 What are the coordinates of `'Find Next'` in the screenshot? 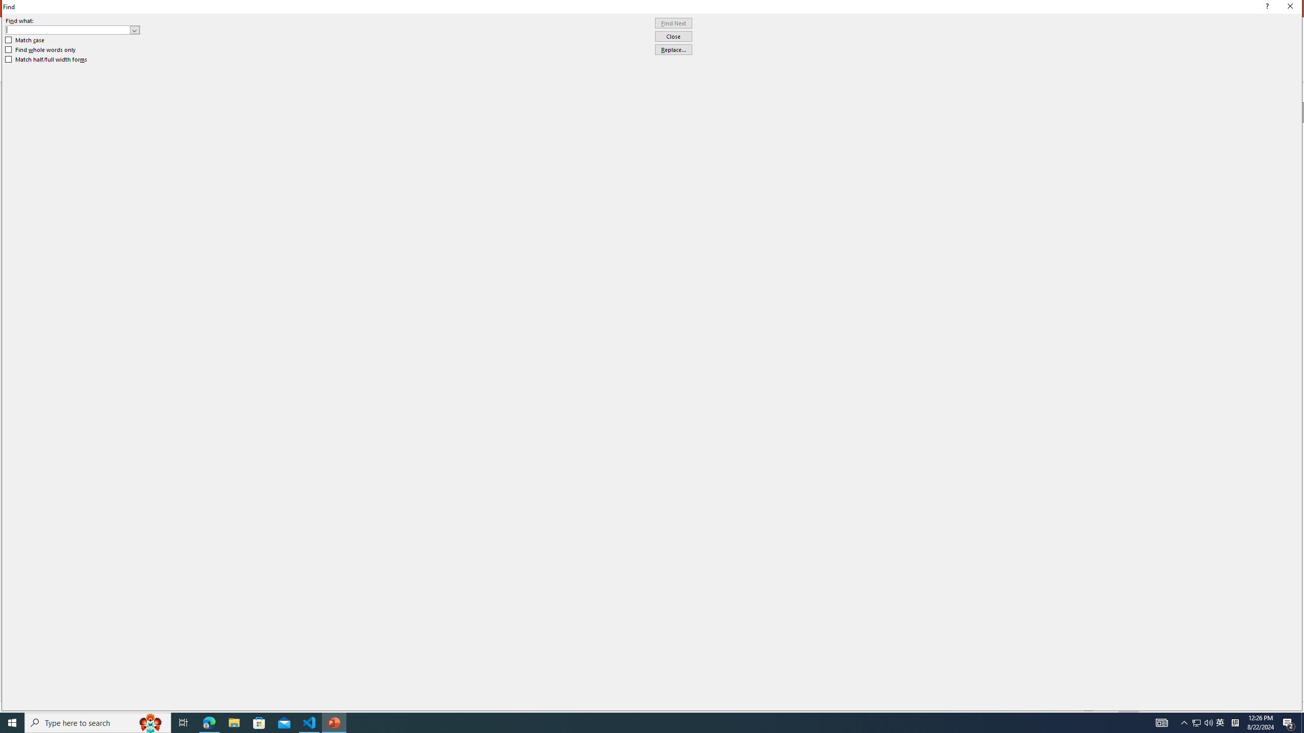 It's located at (673, 23).